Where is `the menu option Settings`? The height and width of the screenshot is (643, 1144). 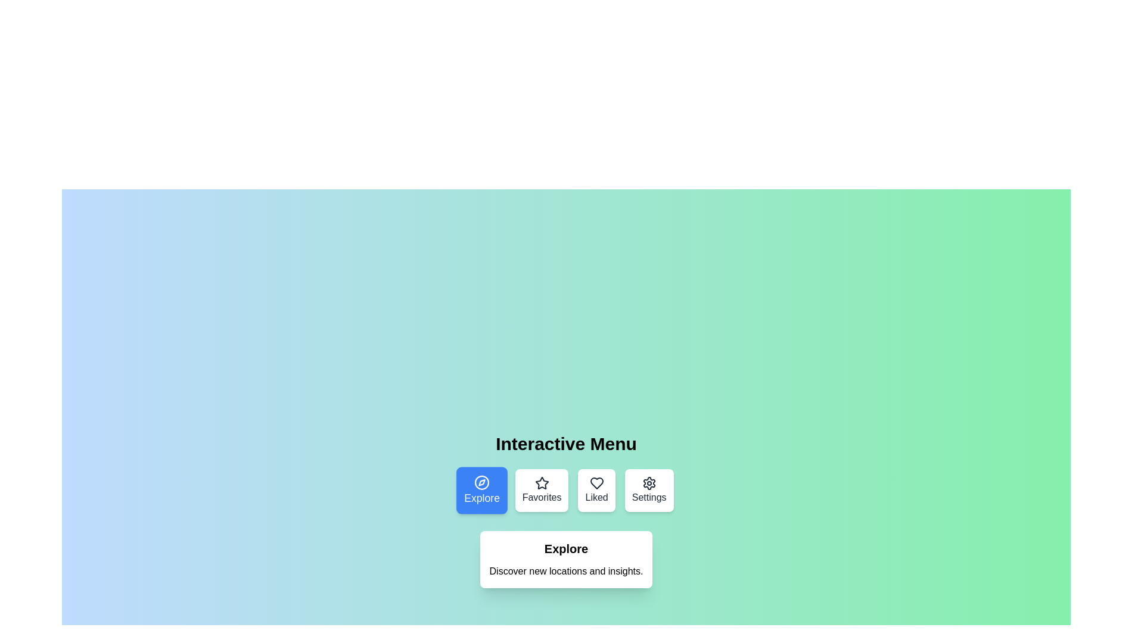
the menu option Settings is located at coordinates (648, 491).